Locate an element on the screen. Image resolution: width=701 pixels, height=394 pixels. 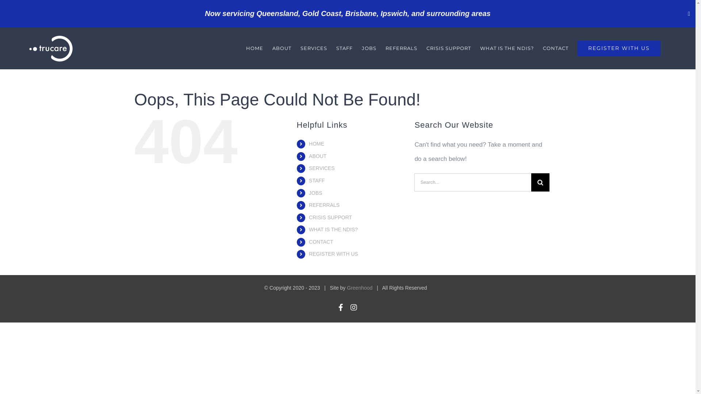
'ABOUT' is located at coordinates (281, 48).